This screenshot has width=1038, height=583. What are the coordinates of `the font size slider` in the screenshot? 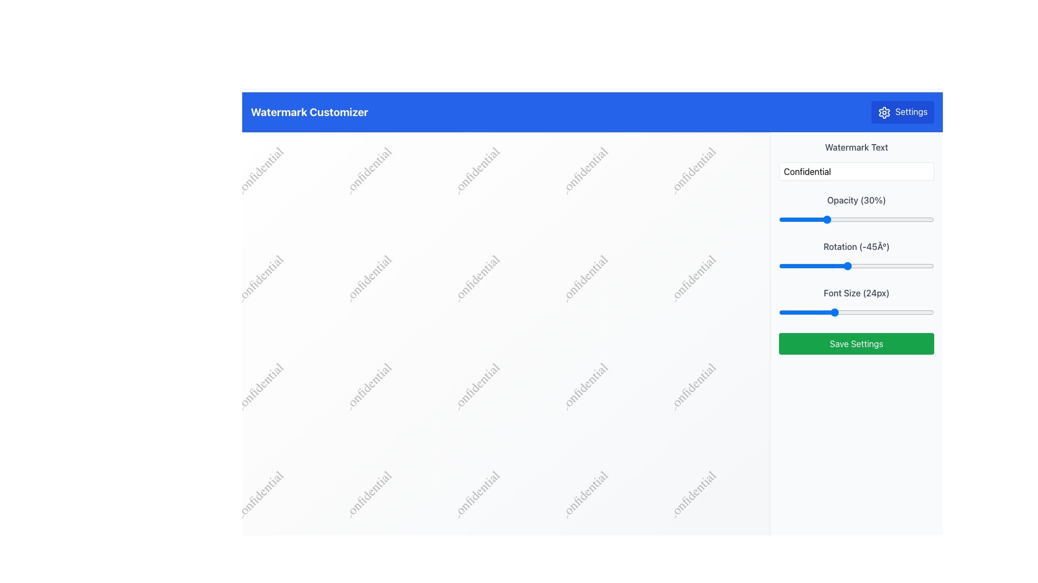 It's located at (833, 312).